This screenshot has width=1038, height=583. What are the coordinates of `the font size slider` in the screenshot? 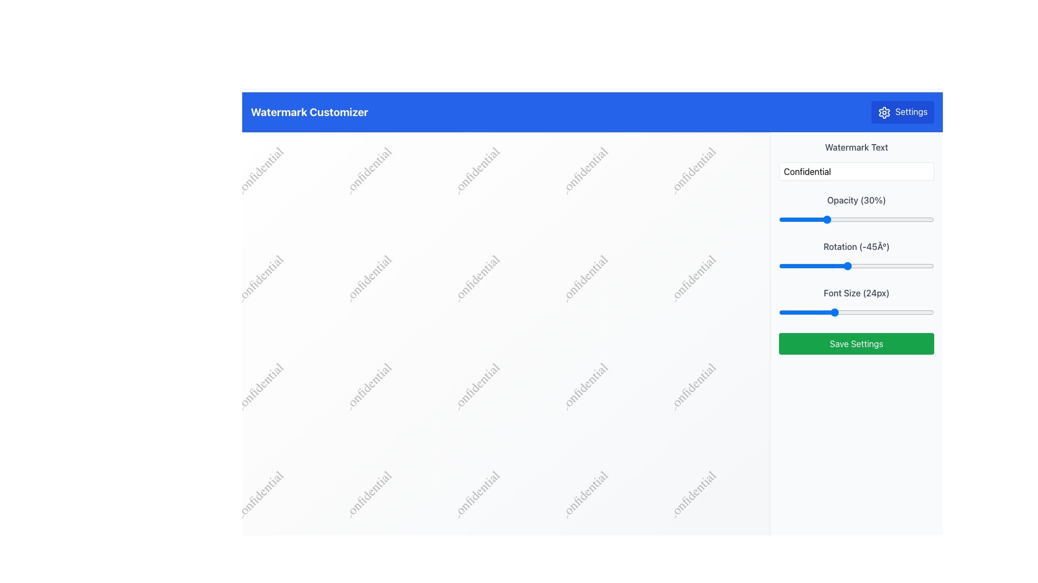 It's located at (833, 312).